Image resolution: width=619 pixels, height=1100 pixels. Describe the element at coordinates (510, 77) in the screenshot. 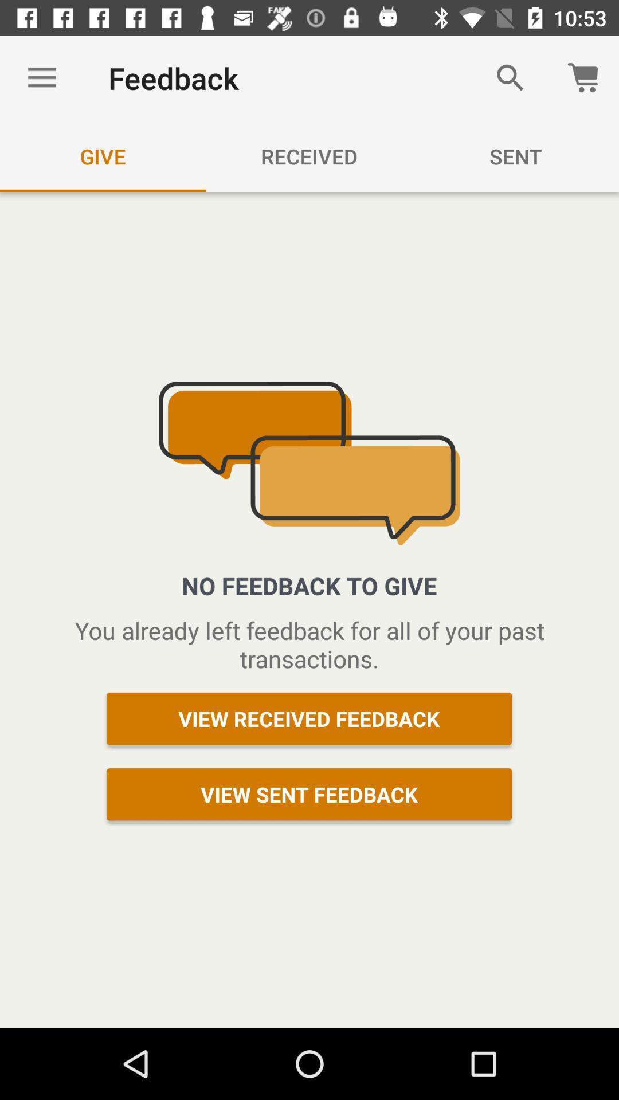

I see `icon next to the feedback item` at that location.